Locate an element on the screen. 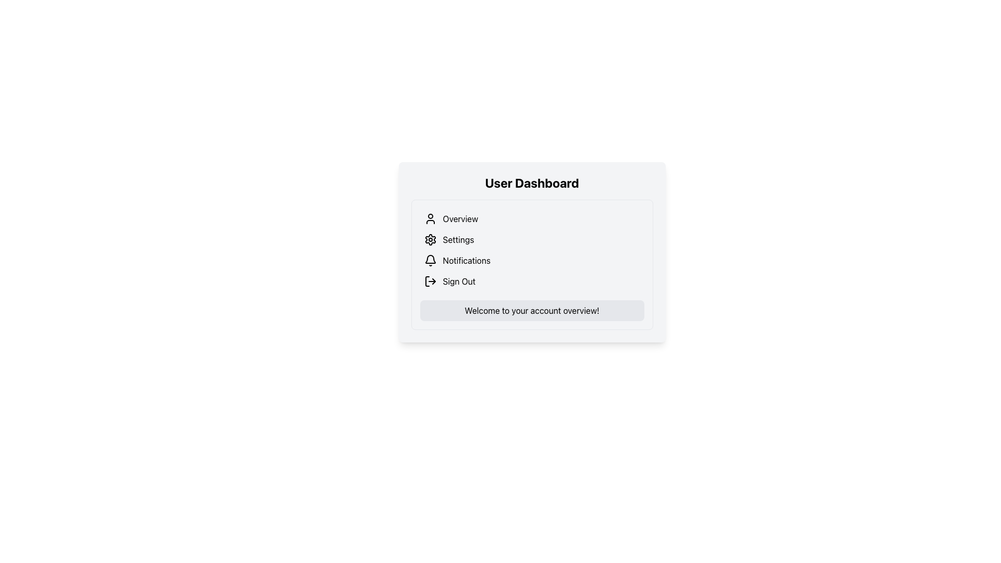  the 'Sign Out' icon located on the left side of the 'Sign Out' option in the menu under the 'User Dashboard' section is located at coordinates (430, 281).